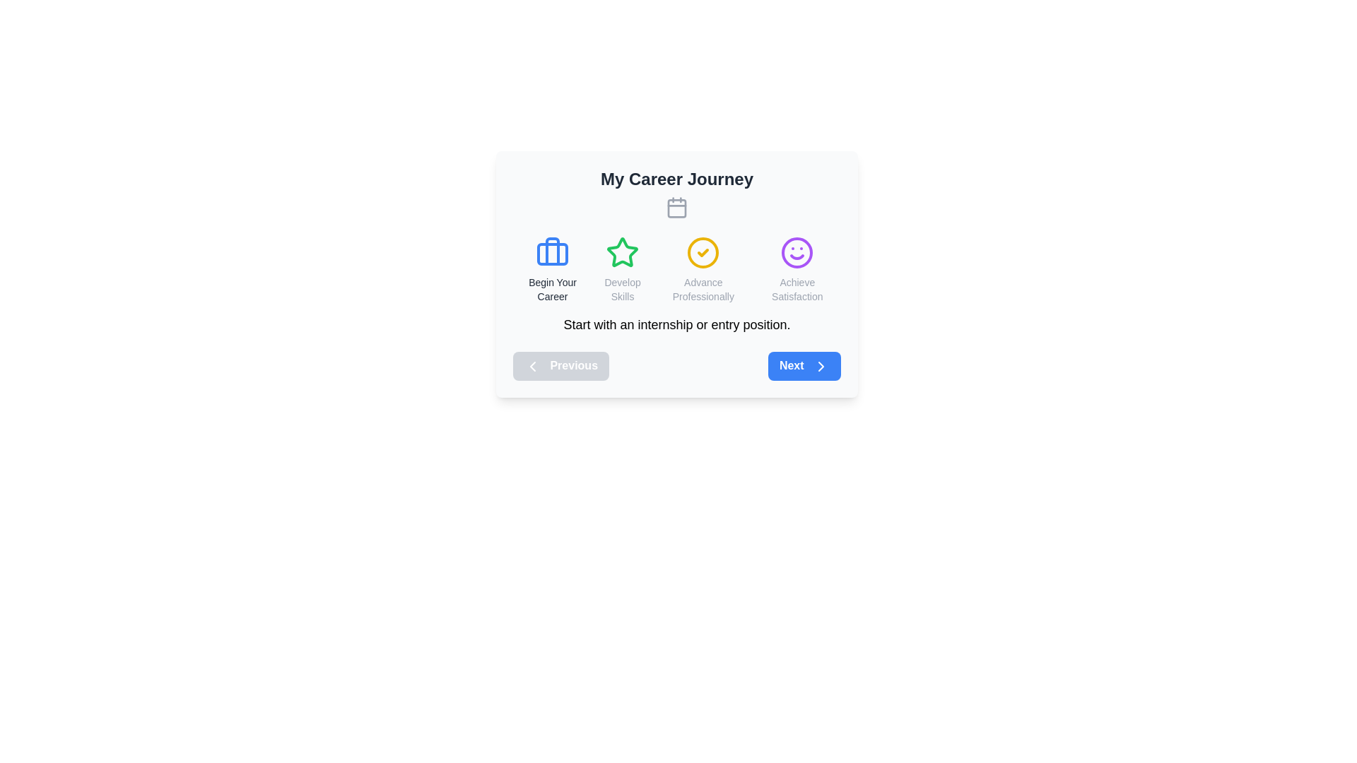 Image resolution: width=1357 pixels, height=763 pixels. Describe the element at coordinates (622, 252) in the screenshot. I see `the green star-shaped icon located below the 'Develop Skills' label` at that location.